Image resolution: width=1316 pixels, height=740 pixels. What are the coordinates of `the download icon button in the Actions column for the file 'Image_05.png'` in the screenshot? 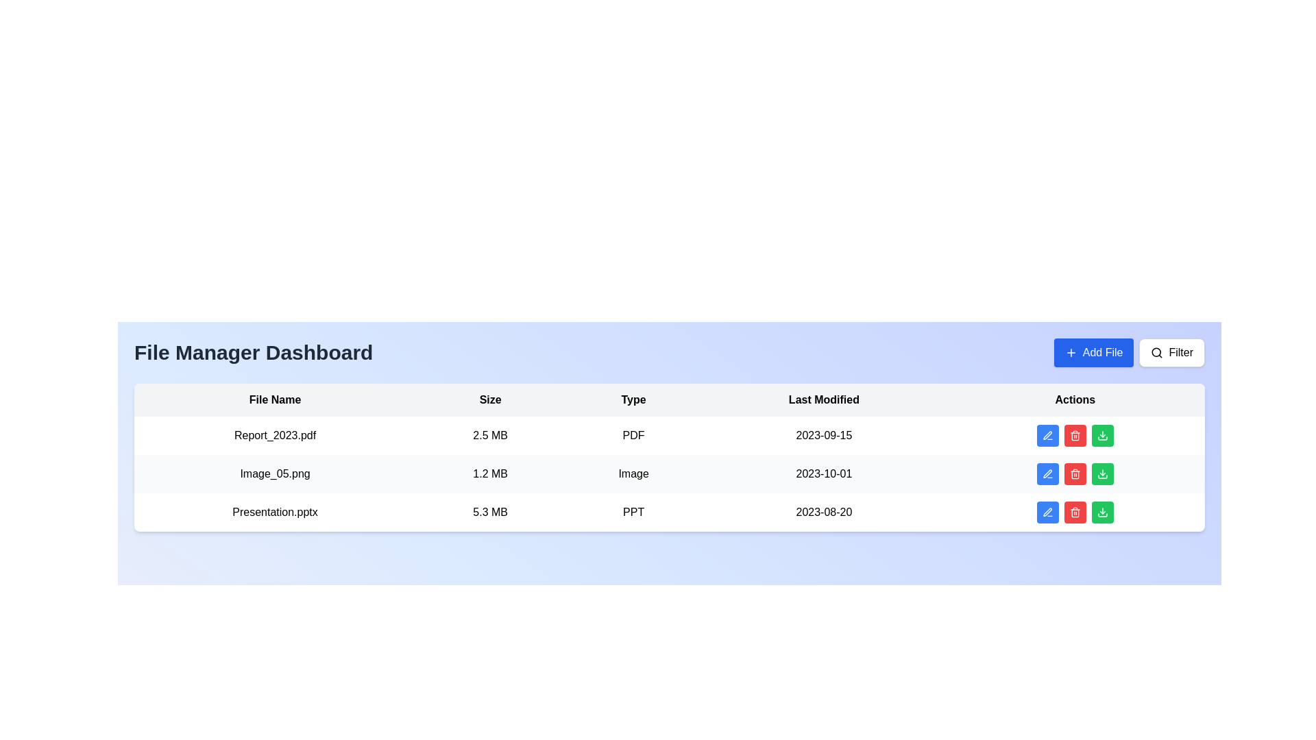 It's located at (1102, 473).